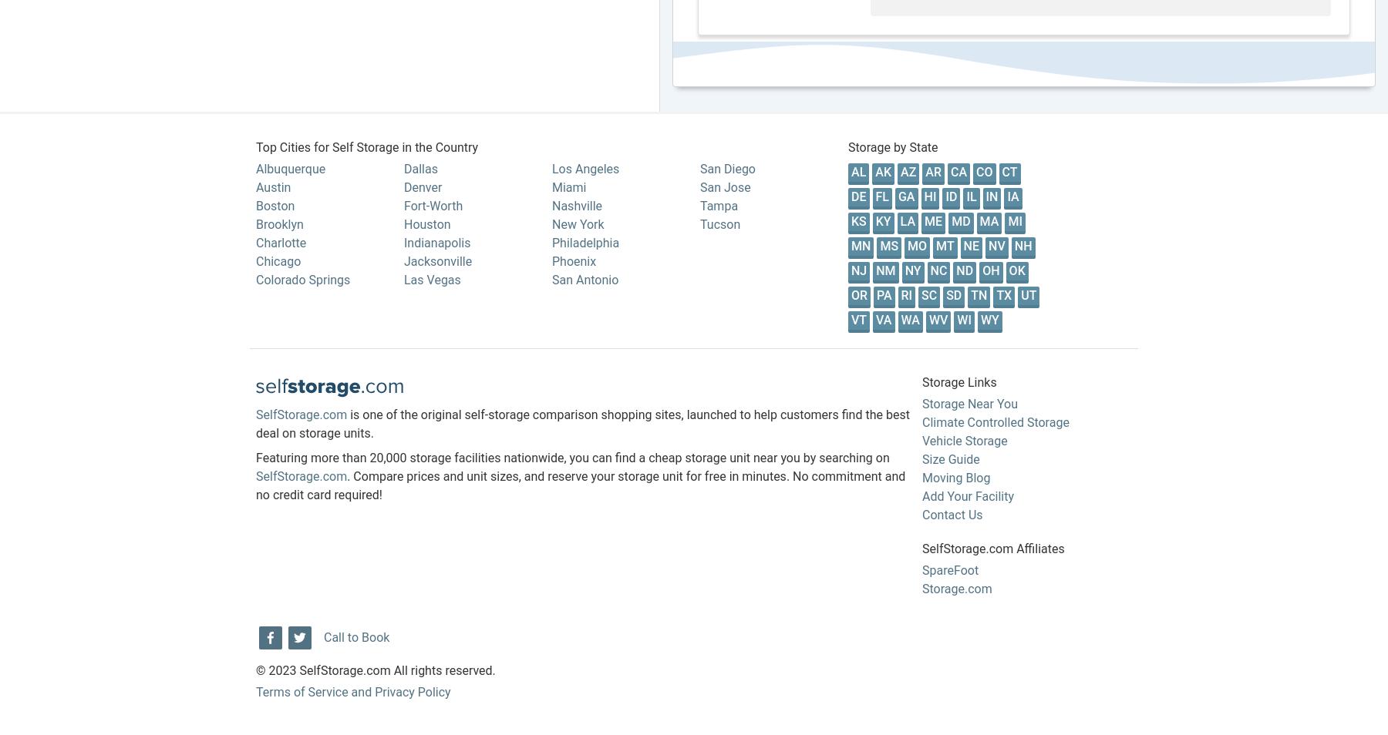  I want to click on '. Compare prices and unit sizes, and reserve your storage unit for free in minutes. No commitment and no credit card required!', so click(579, 484).